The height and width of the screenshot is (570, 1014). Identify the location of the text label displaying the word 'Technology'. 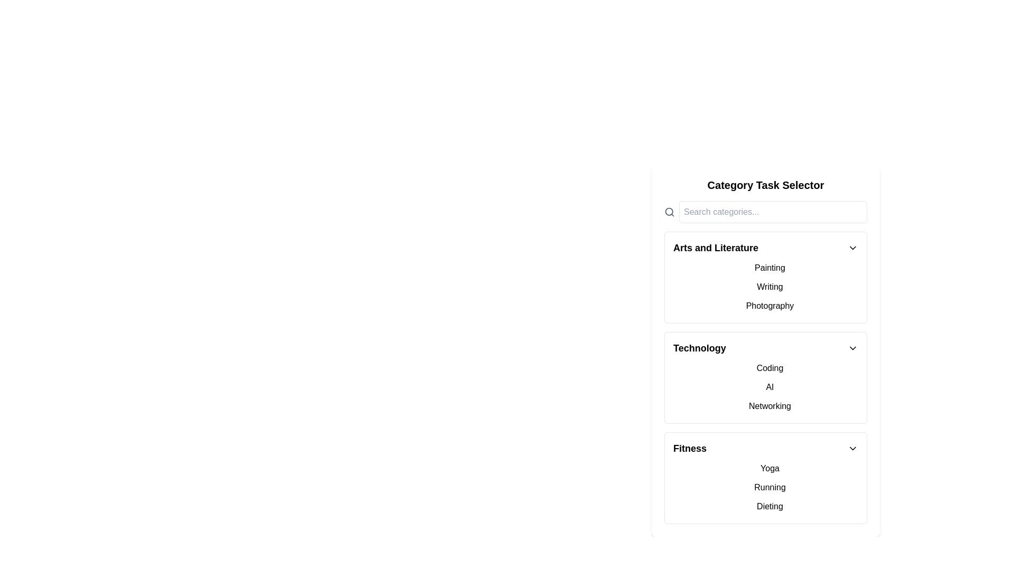
(699, 348).